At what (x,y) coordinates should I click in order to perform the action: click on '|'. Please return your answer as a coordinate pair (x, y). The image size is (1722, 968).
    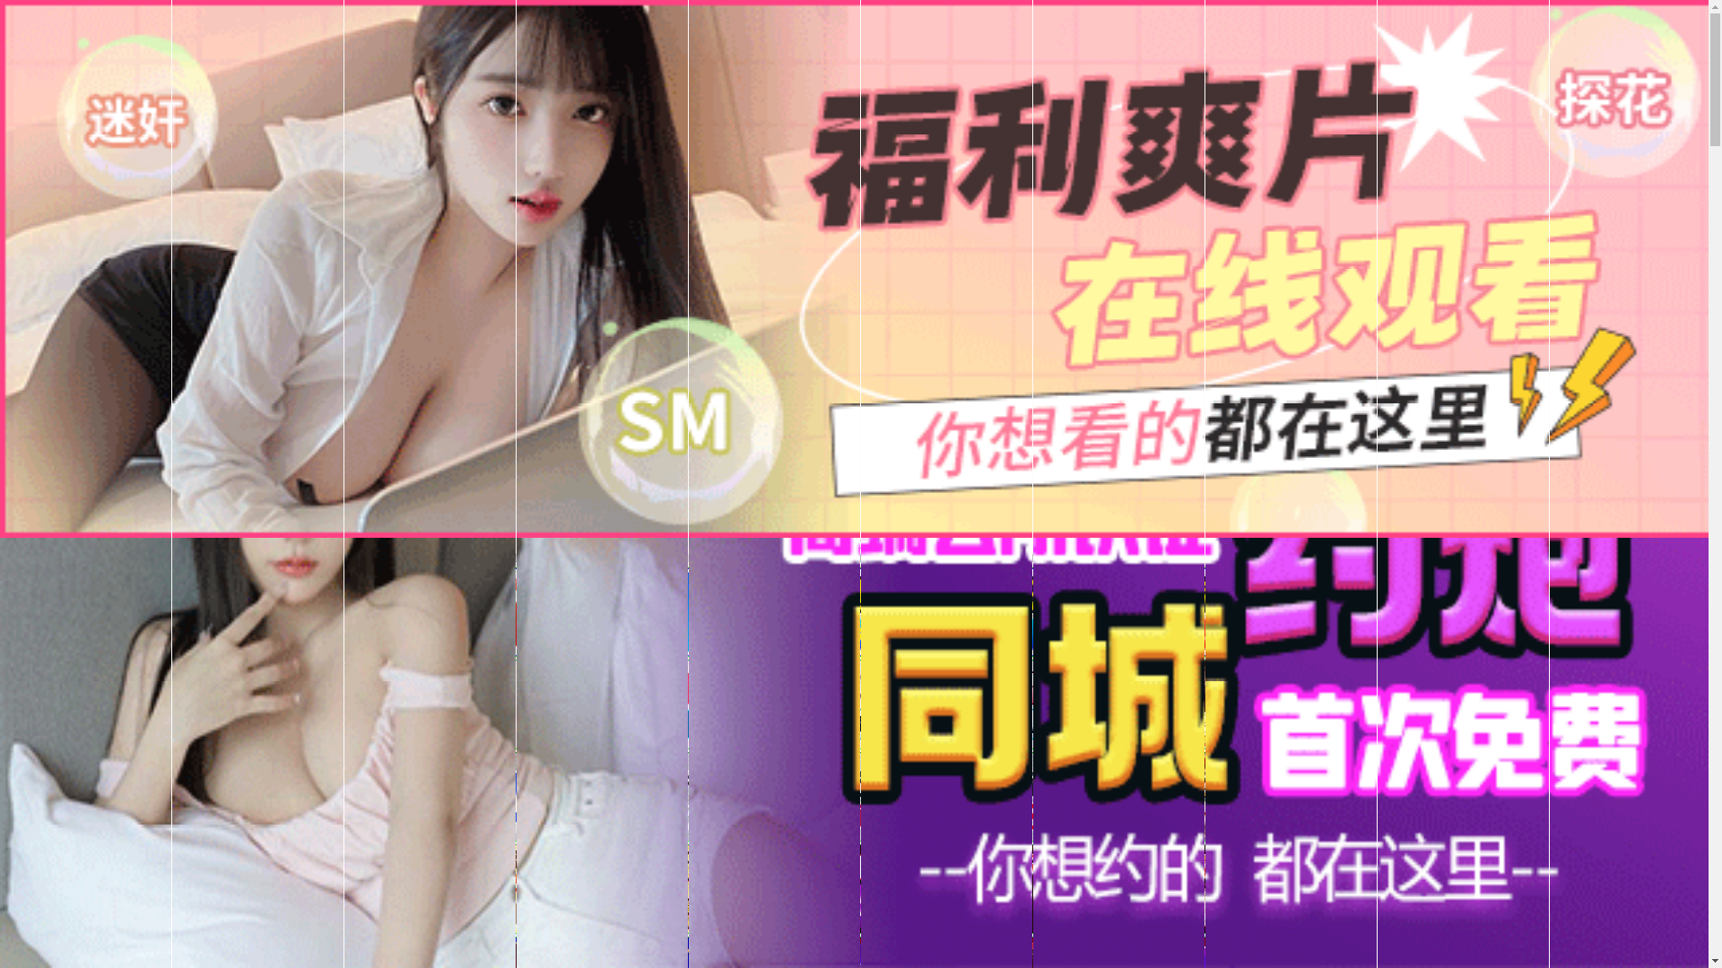
    Looking at the image, I should click on (1313, 557).